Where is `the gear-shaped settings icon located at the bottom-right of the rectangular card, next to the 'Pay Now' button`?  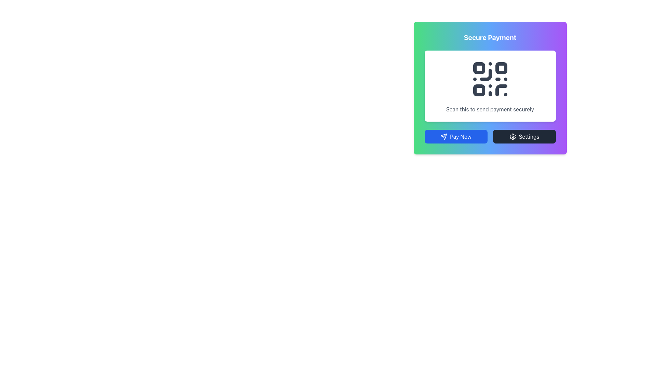 the gear-shaped settings icon located at the bottom-right of the rectangular card, next to the 'Pay Now' button is located at coordinates (512, 137).